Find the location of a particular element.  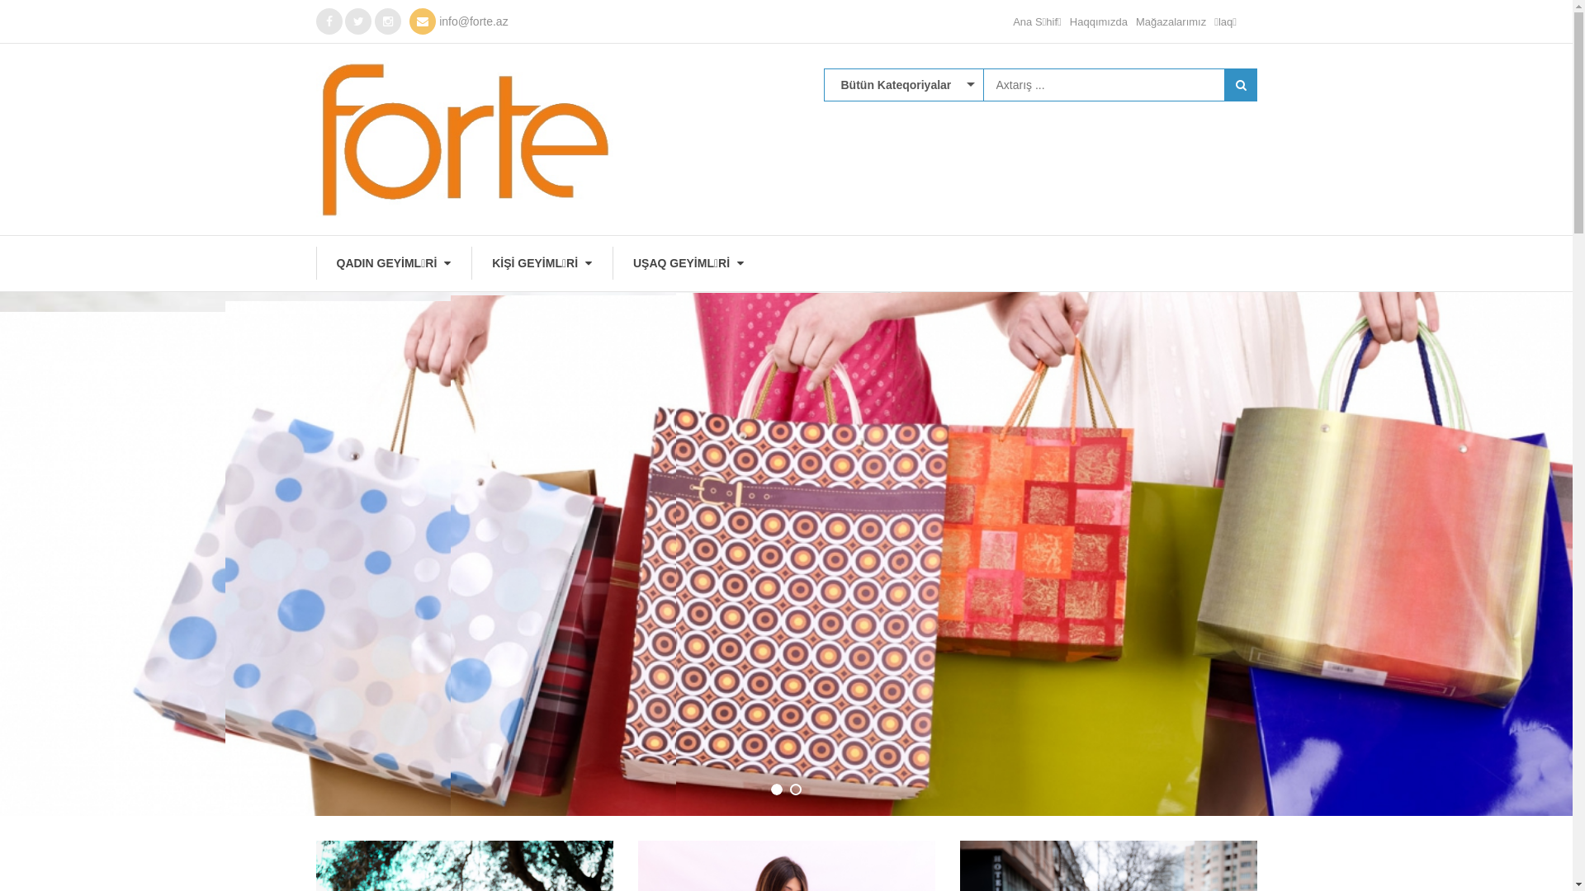

'twitter' is located at coordinates (357, 21).